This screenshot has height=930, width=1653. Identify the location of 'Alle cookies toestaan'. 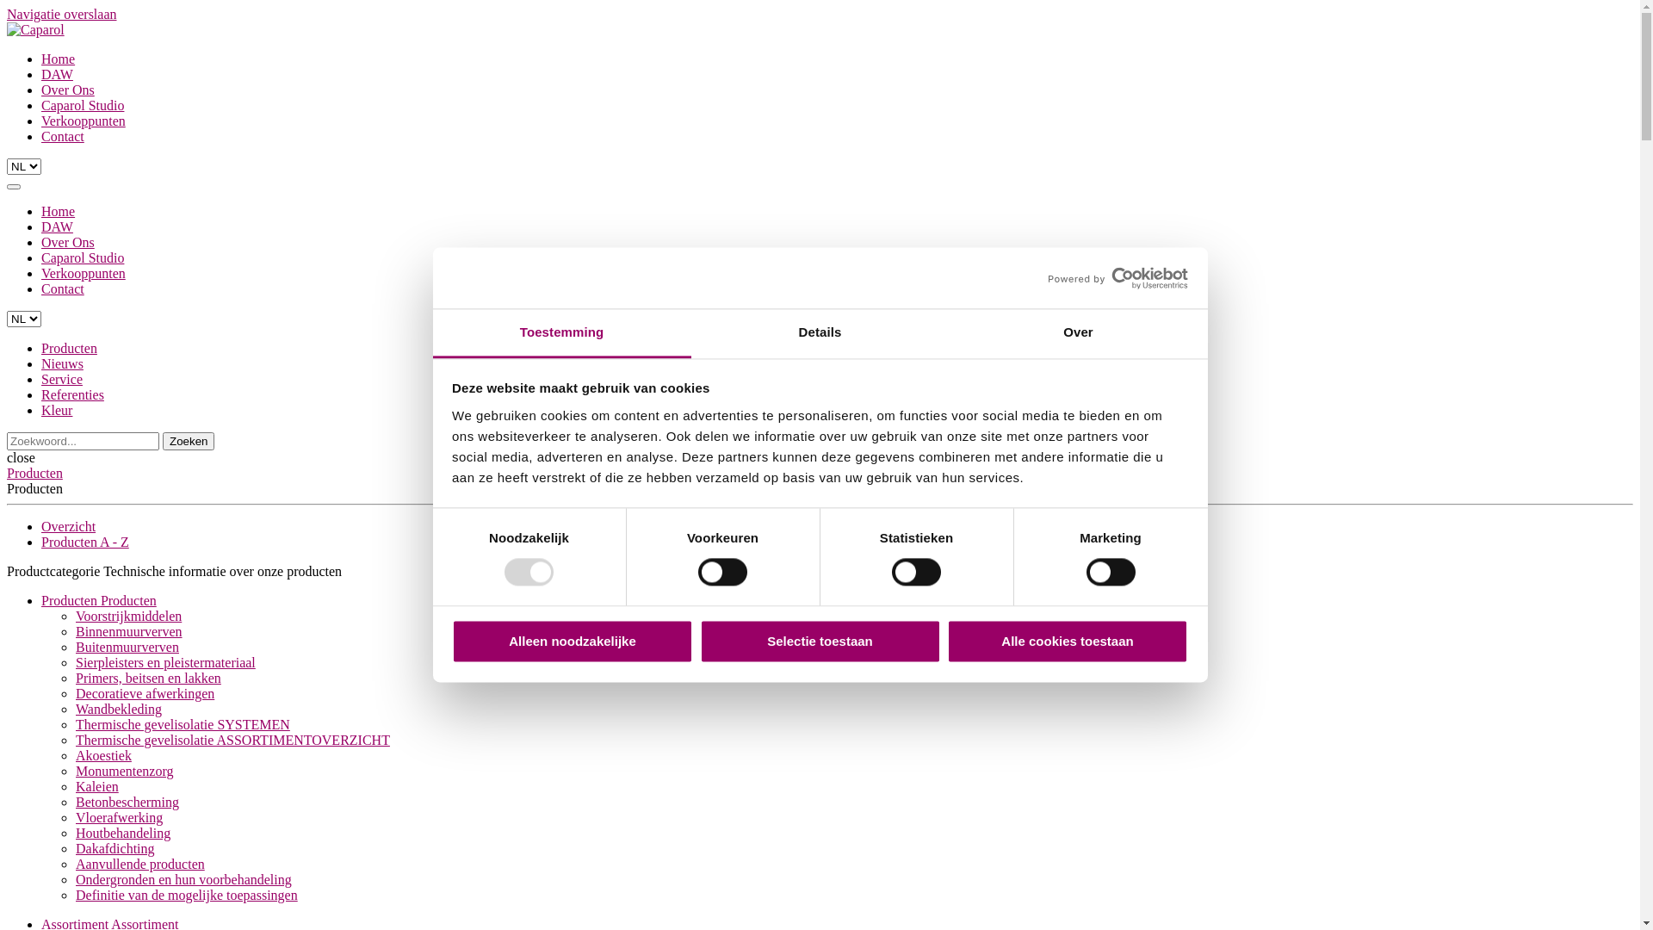
(945, 641).